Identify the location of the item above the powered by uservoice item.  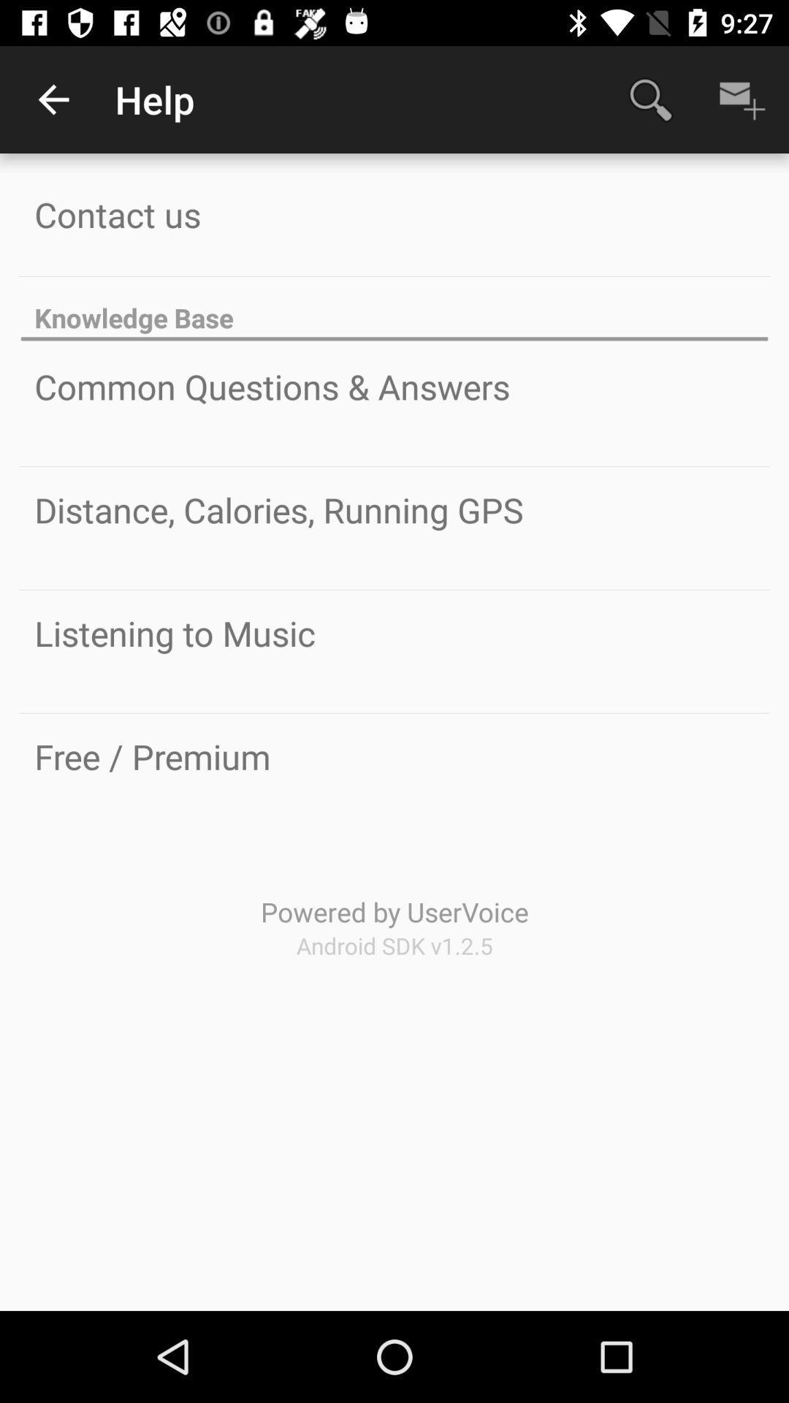
(152, 756).